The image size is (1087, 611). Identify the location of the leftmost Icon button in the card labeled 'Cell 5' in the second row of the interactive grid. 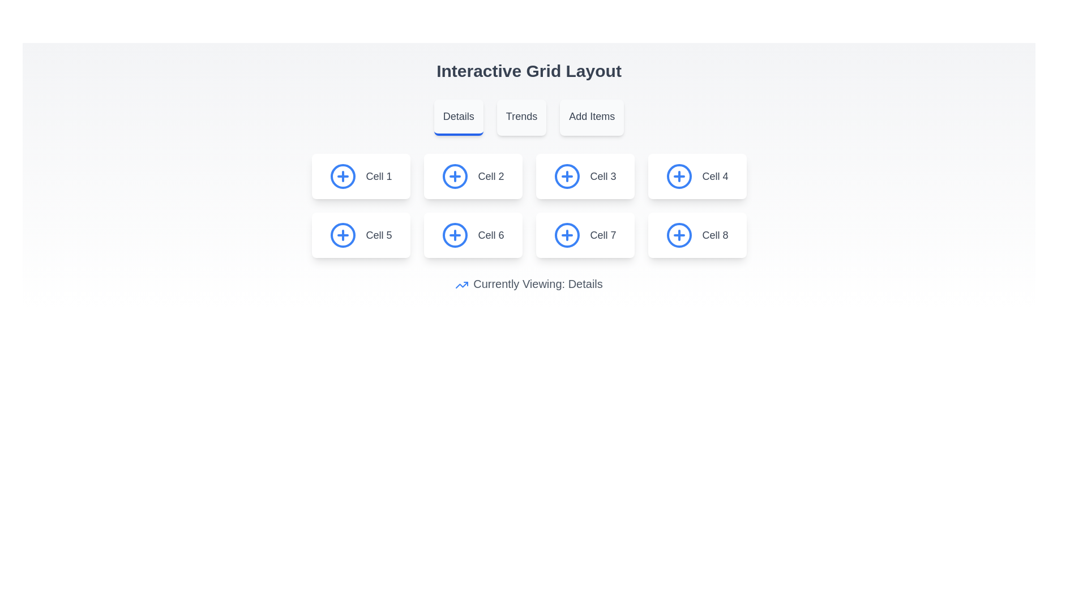
(343, 235).